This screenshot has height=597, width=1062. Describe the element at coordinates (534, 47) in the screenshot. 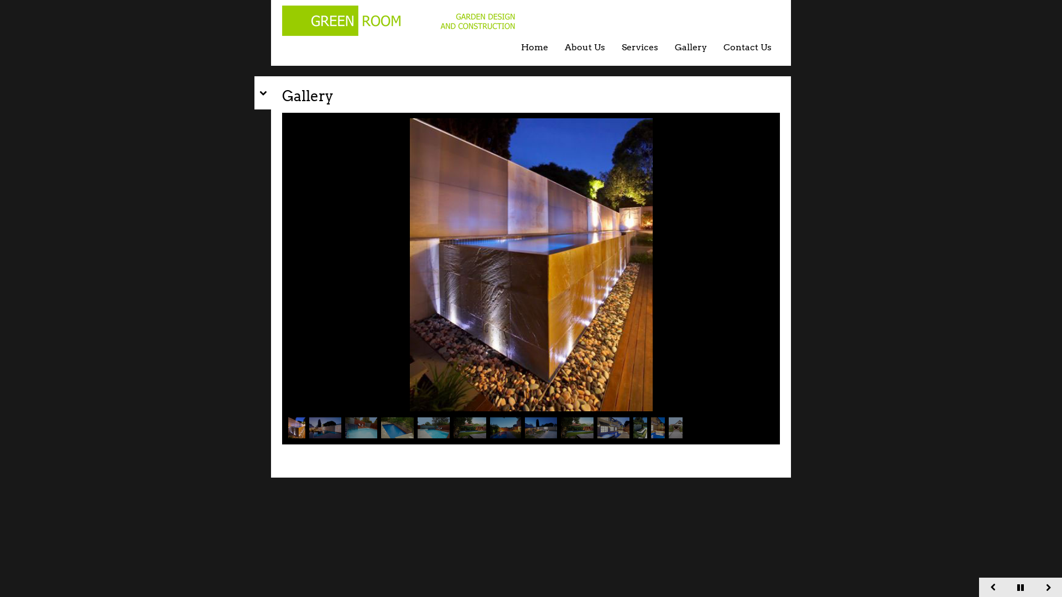

I see `'Home'` at that location.